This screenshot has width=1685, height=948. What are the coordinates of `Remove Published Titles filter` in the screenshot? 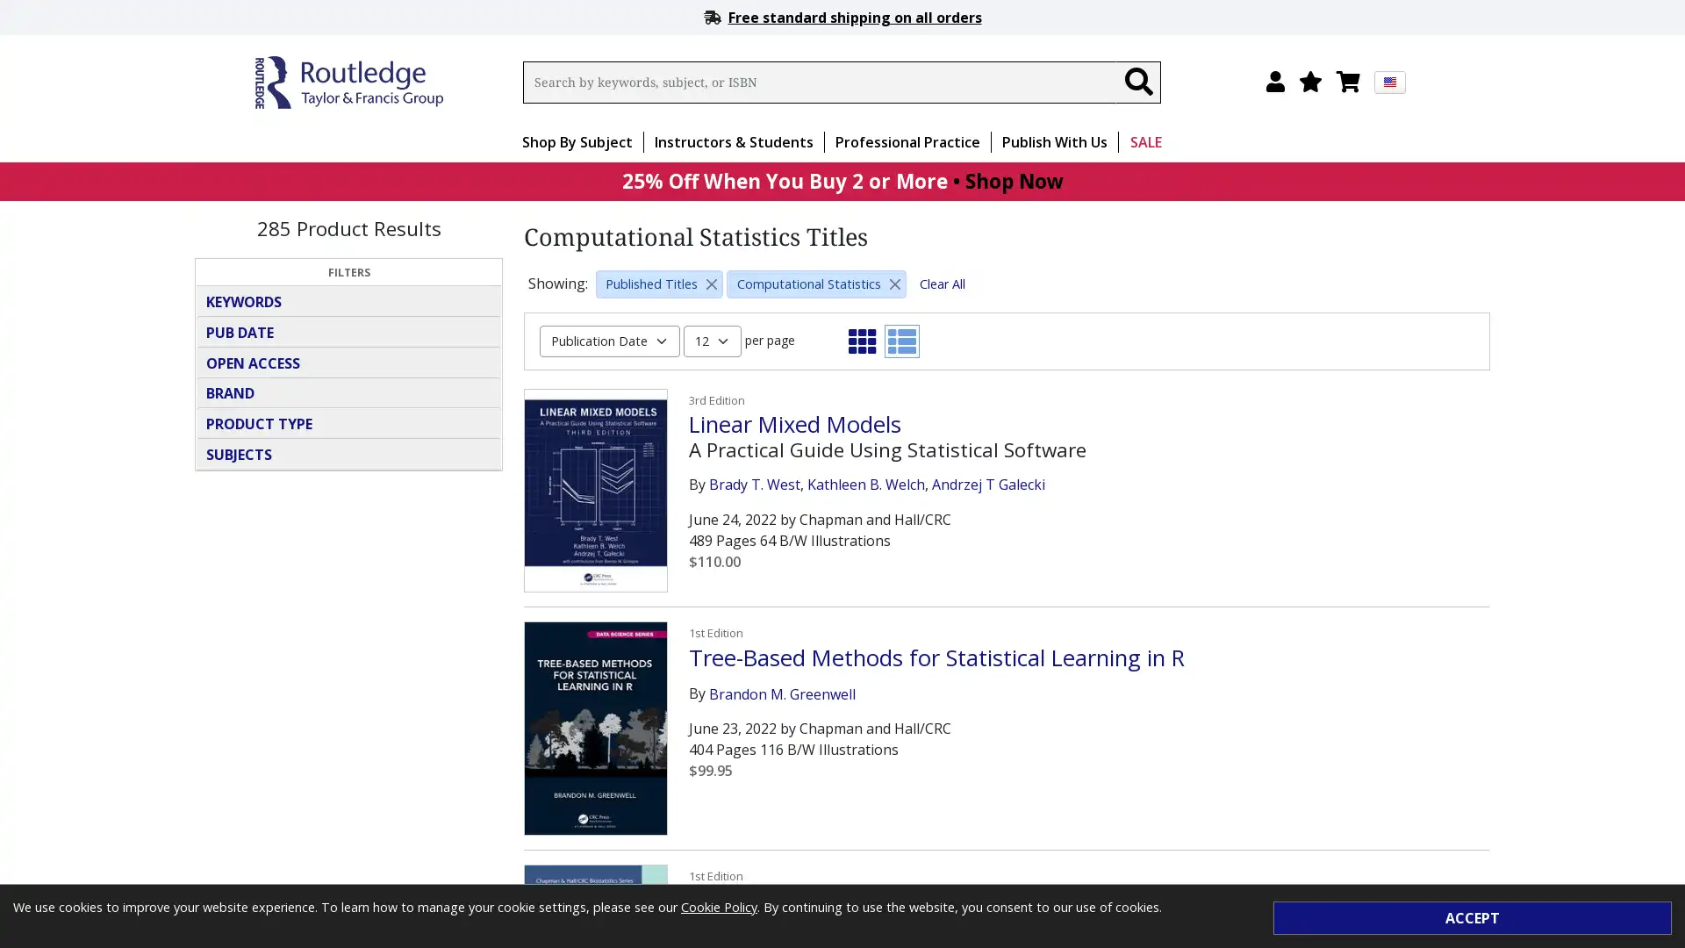 It's located at (712, 283).